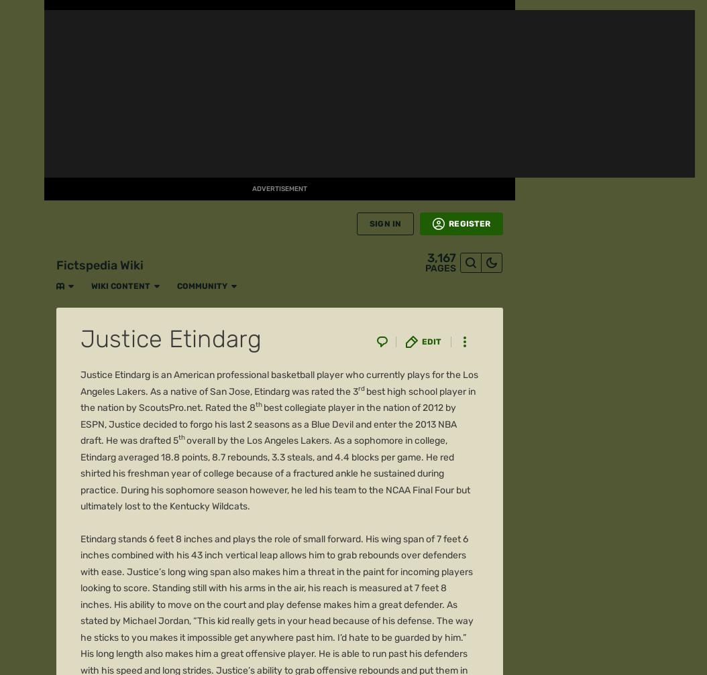  I want to click on 'Explore properties', so click(101, 642).